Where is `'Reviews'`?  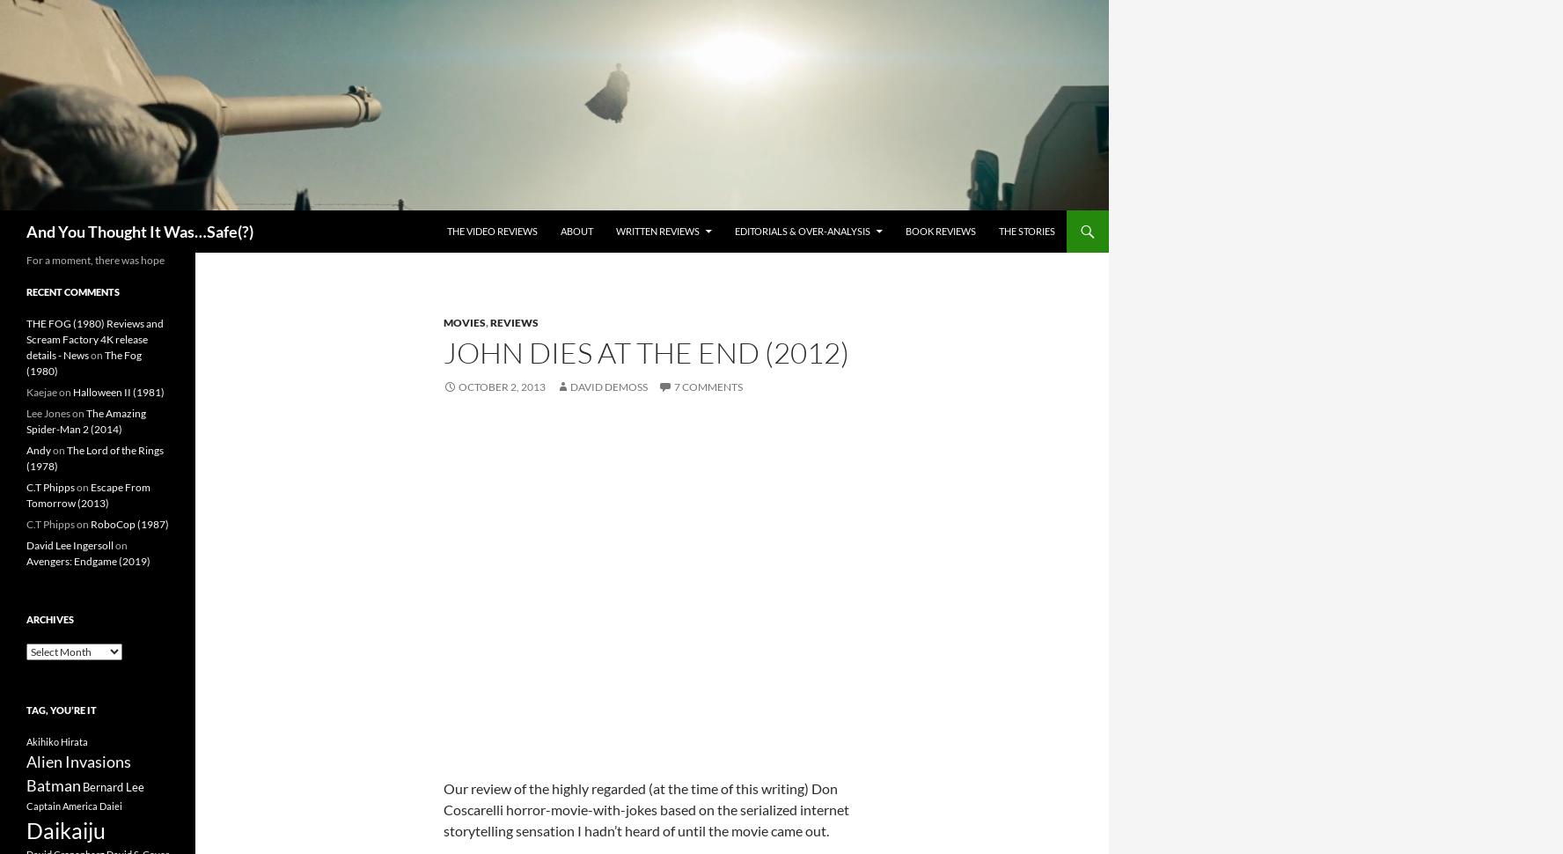
'Reviews' is located at coordinates (514, 321).